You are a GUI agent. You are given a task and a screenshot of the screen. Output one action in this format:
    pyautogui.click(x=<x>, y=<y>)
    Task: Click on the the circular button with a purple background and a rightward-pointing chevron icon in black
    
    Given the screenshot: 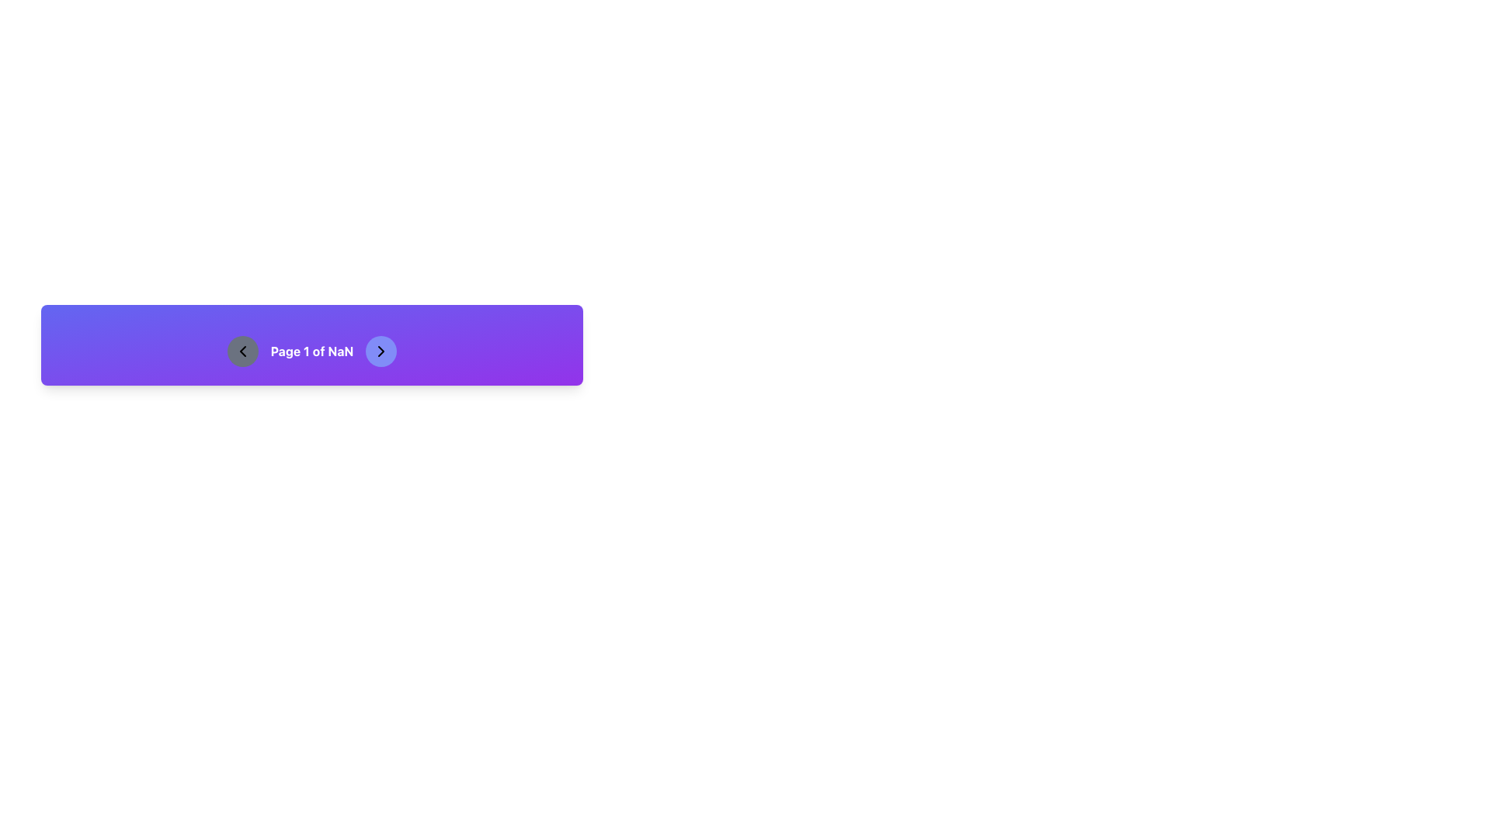 What is the action you would take?
    pyautogui.click(x=381, y=351)
    